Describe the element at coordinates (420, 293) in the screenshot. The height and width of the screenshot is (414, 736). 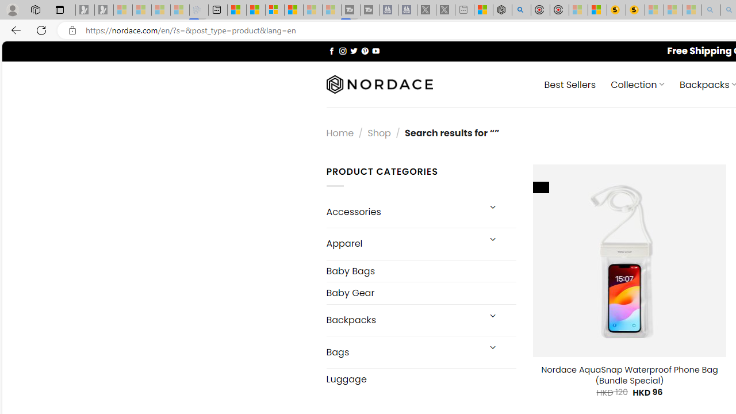
I see `'Baby Gear'` at that location.